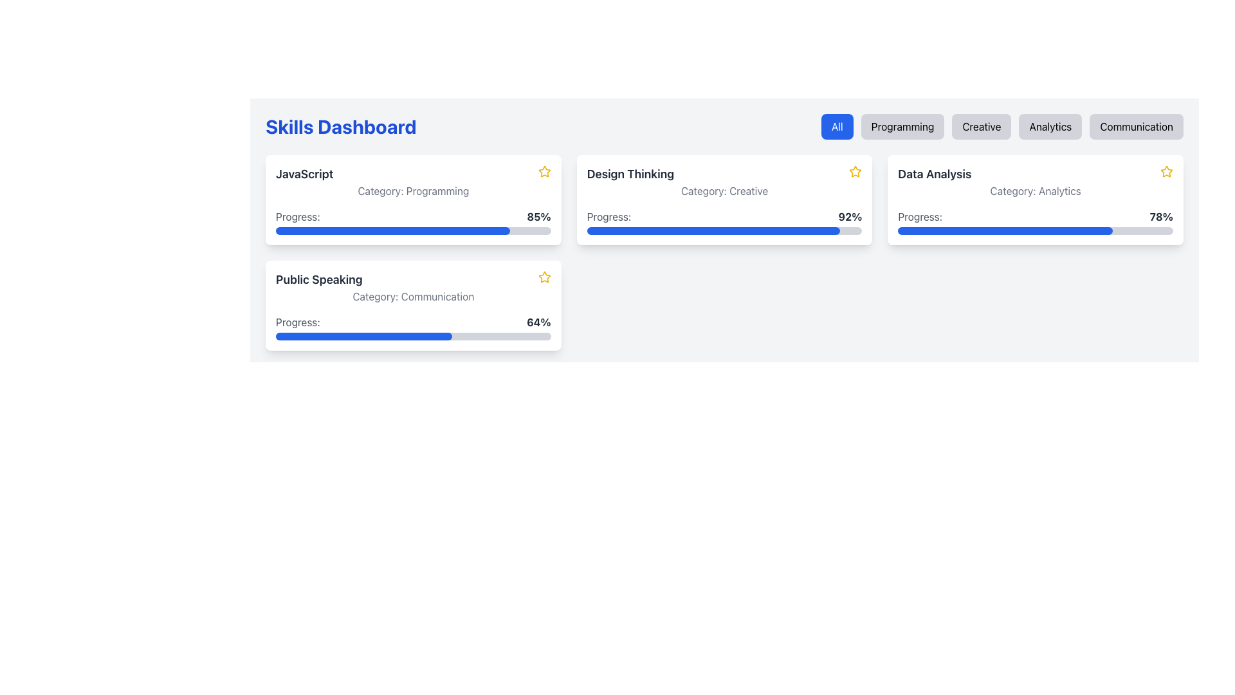 This screenshot has height=695, width=1235. Describe the element at coordinates (855, 171) in the screenshot. I see `the vibrant yellow star-shaped icon located in the top-right corner of the 'Design Thinking' card` at that location.